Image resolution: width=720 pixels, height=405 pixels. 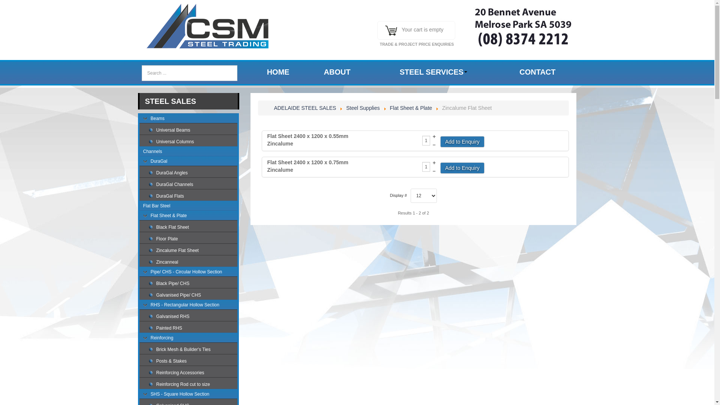 I want to click on 'ADELAIDE STEEL SALES', so click(x=304, y=108).